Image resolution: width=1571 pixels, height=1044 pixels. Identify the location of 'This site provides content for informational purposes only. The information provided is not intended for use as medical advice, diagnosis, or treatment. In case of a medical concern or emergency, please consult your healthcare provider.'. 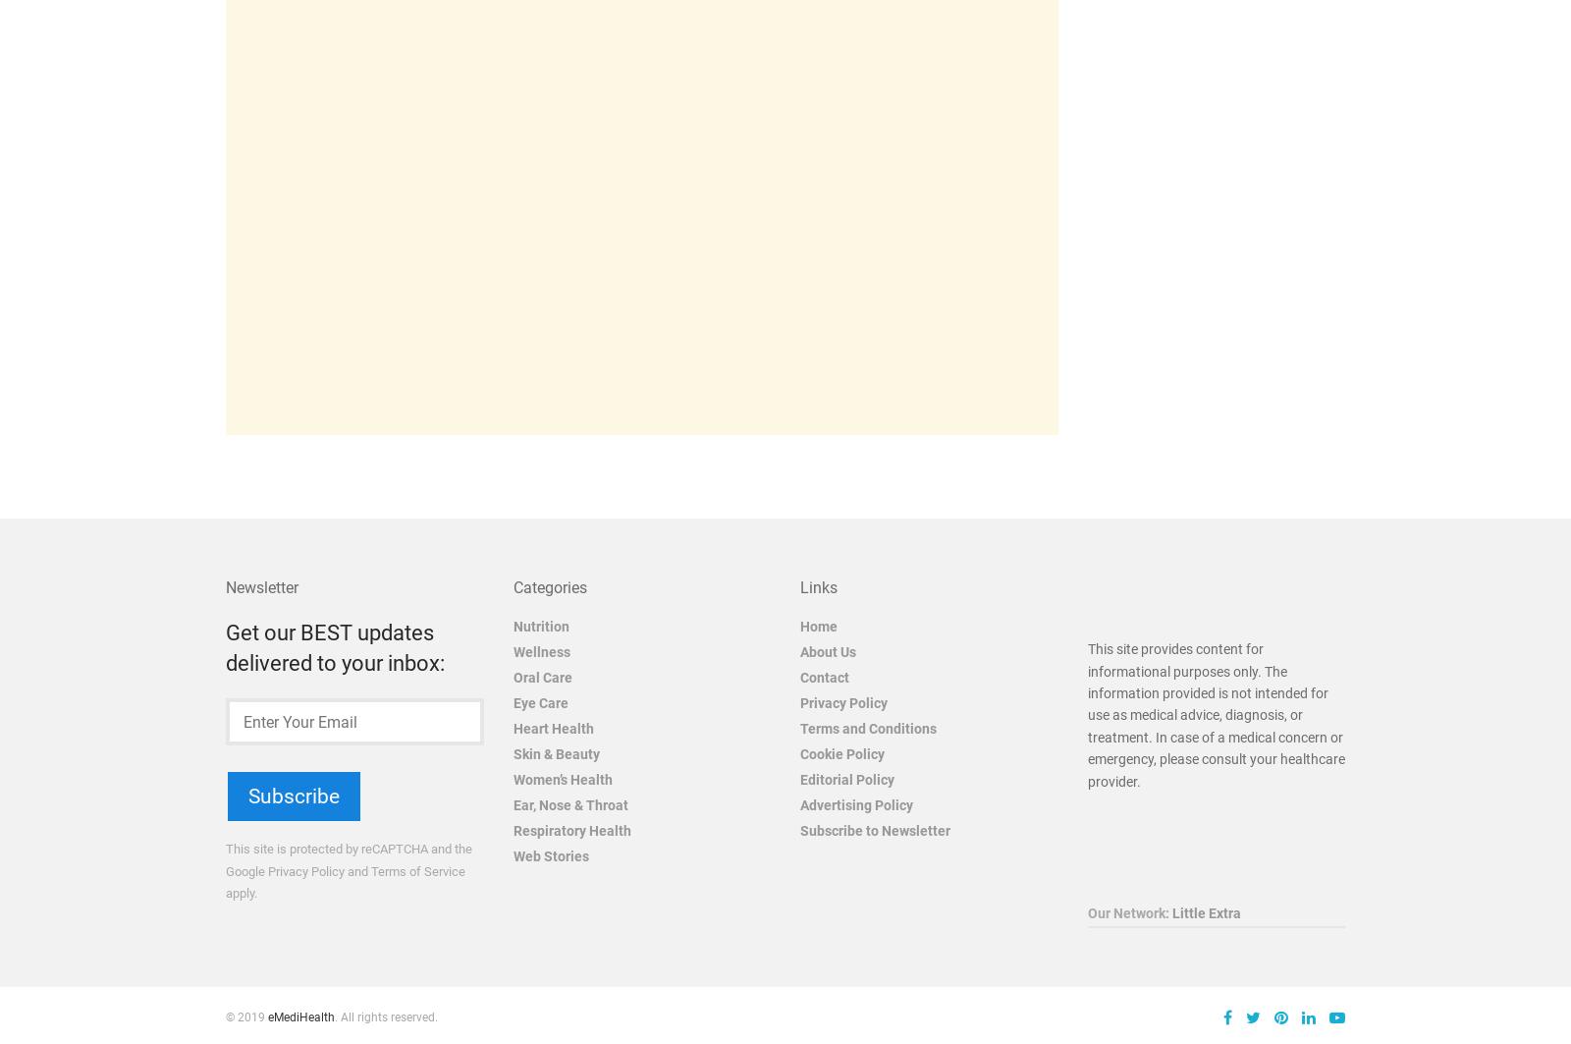
(1087, 714).